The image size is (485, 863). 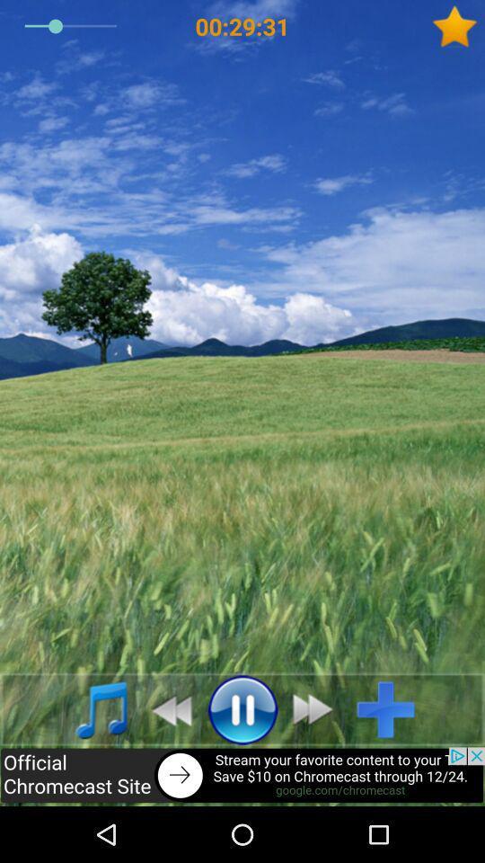 What do you see at coordinates (92, 709) in the screenshot?
I see `music` at bounding box center [92, 709].